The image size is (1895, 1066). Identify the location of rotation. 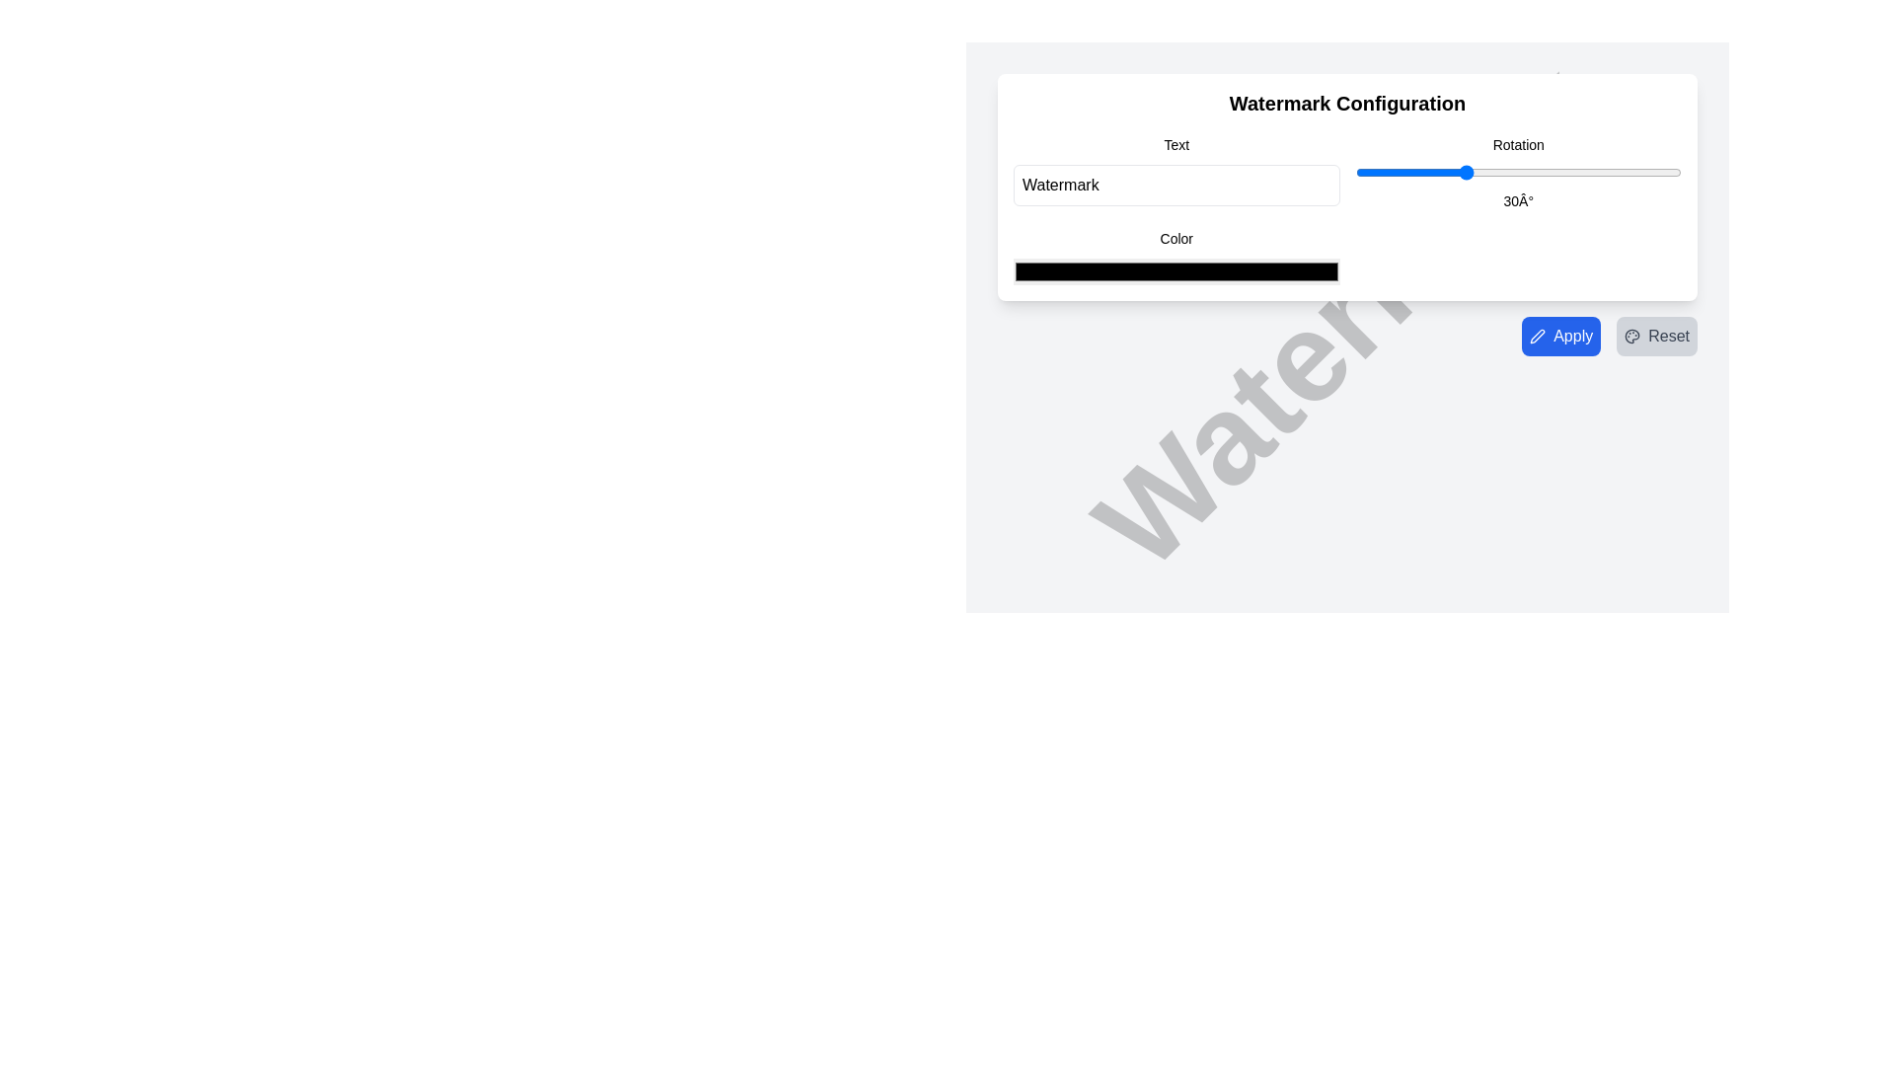
(1415, 171).